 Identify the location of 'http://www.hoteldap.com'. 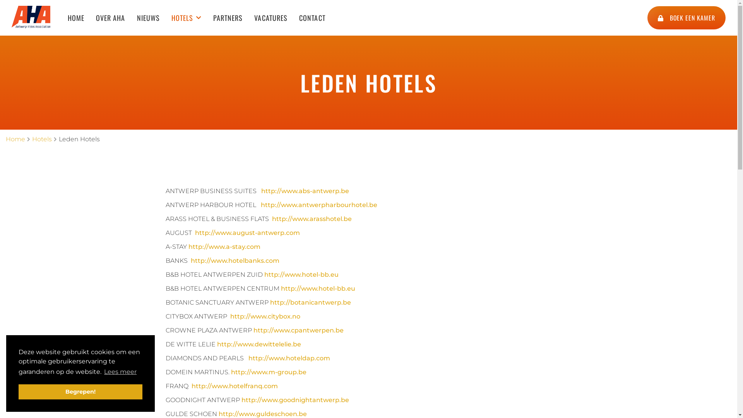
(289, 358).